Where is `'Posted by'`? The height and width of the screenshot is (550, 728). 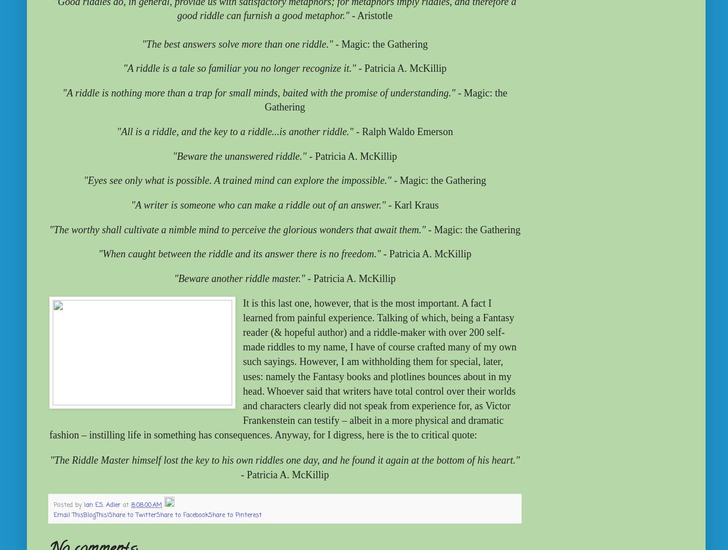 'Posted by' is located at coordinates (69, 505).